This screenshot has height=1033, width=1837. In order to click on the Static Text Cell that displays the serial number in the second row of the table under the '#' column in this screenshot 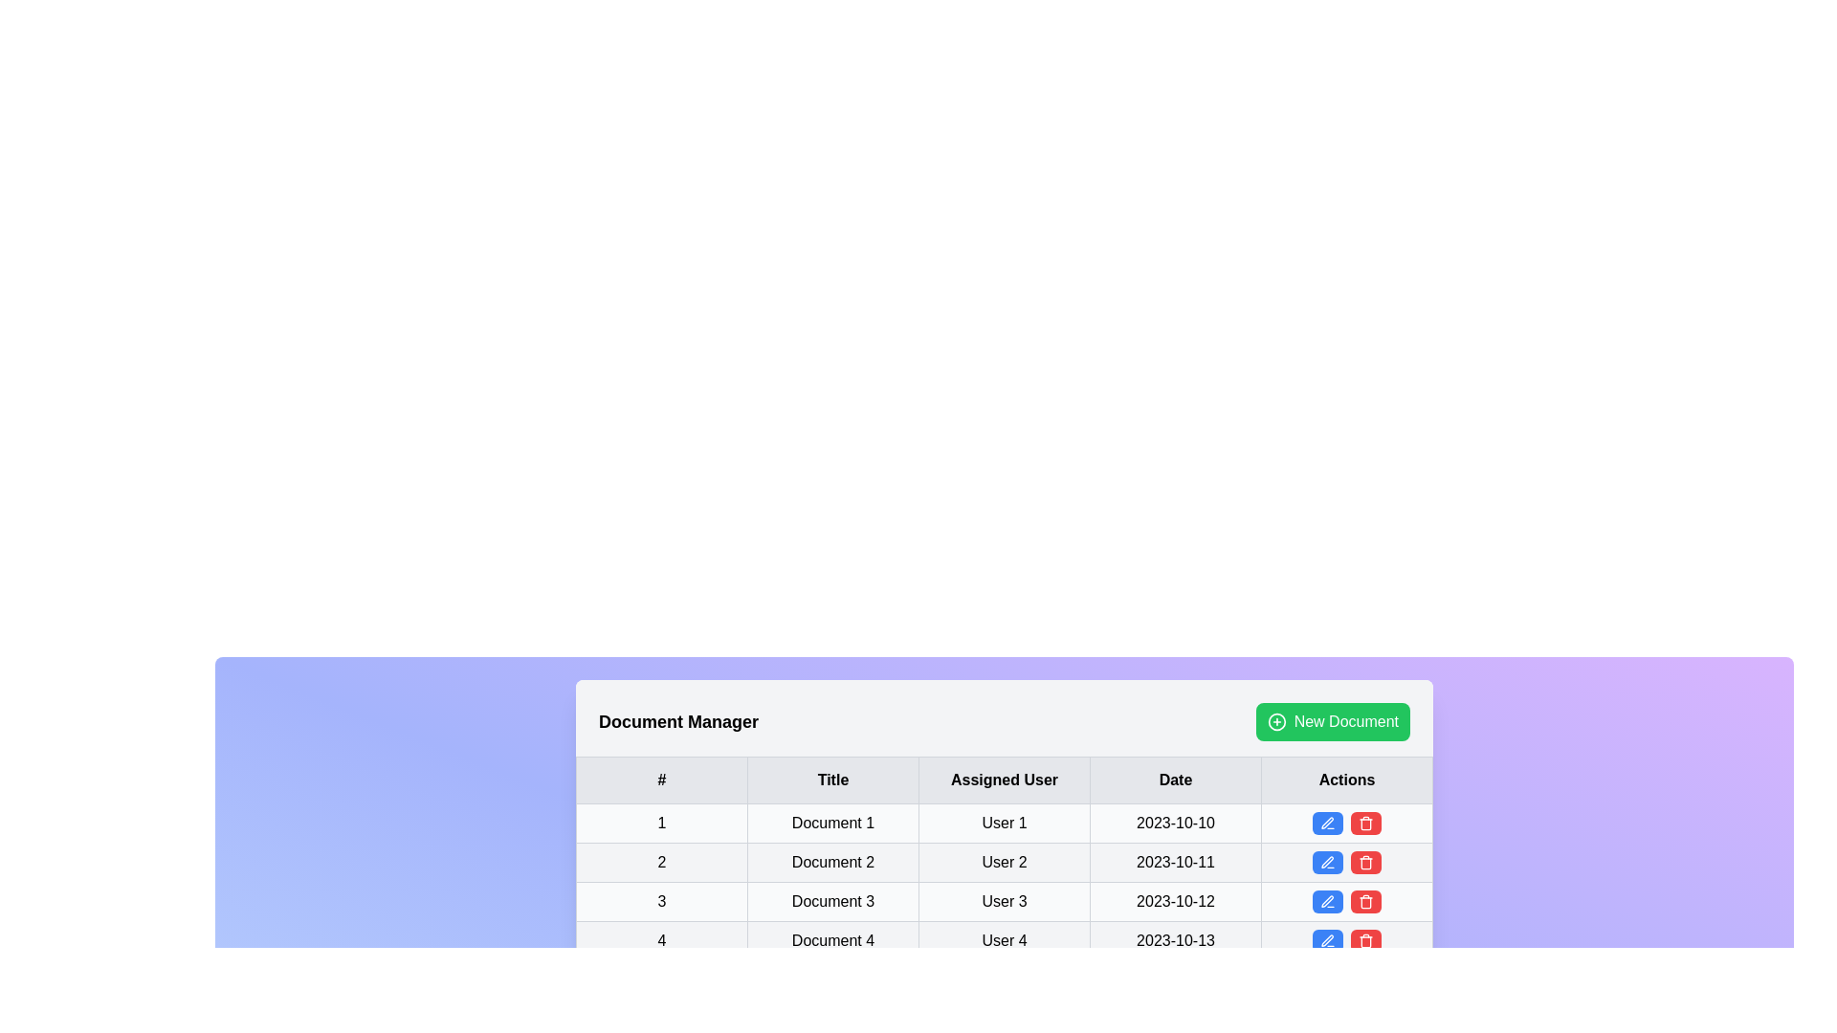, I will do `click(661, 863)`.